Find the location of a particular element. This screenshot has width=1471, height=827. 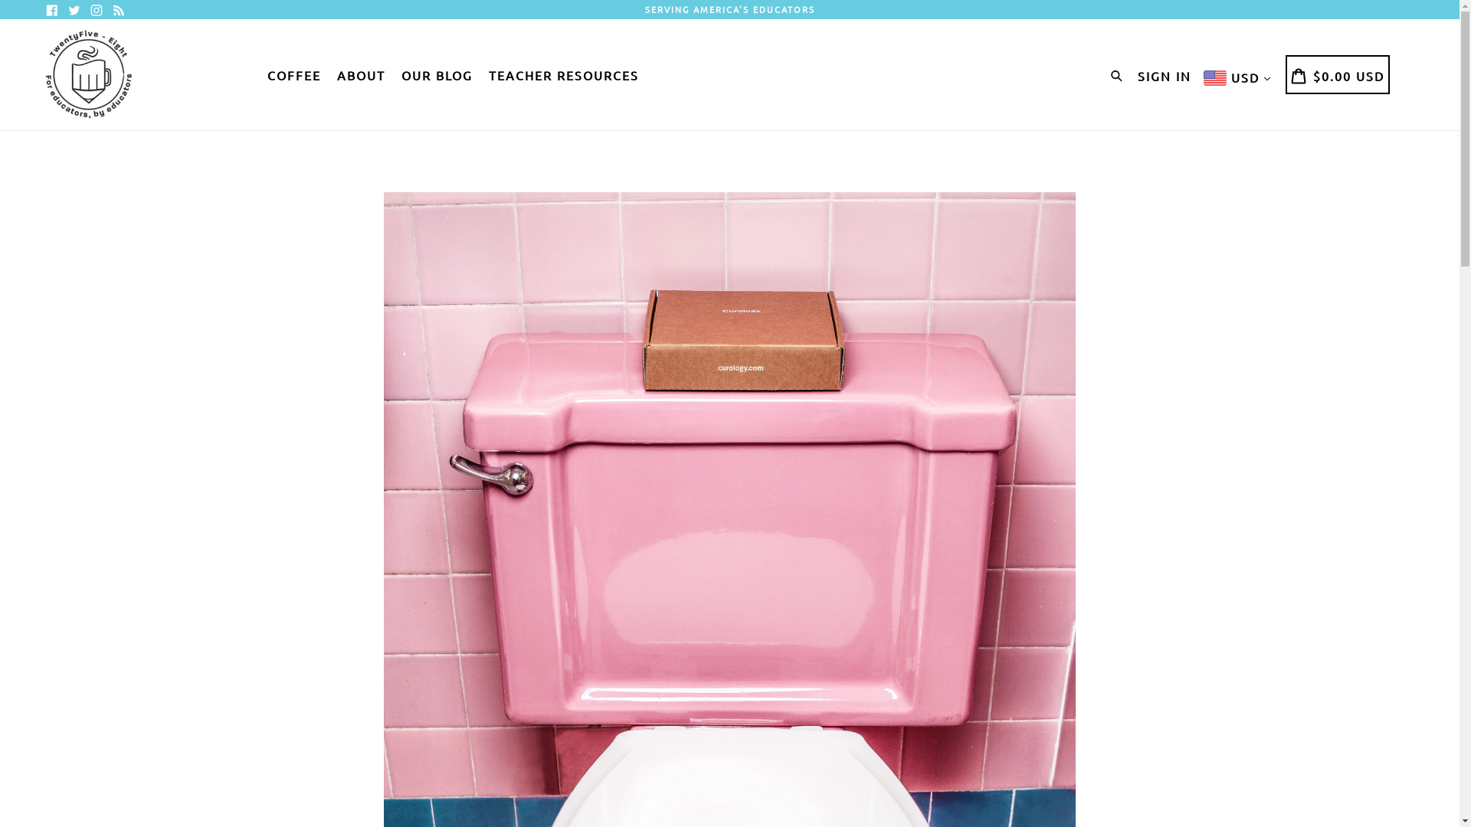

'Facebook' is located at coordinates (41, 10).